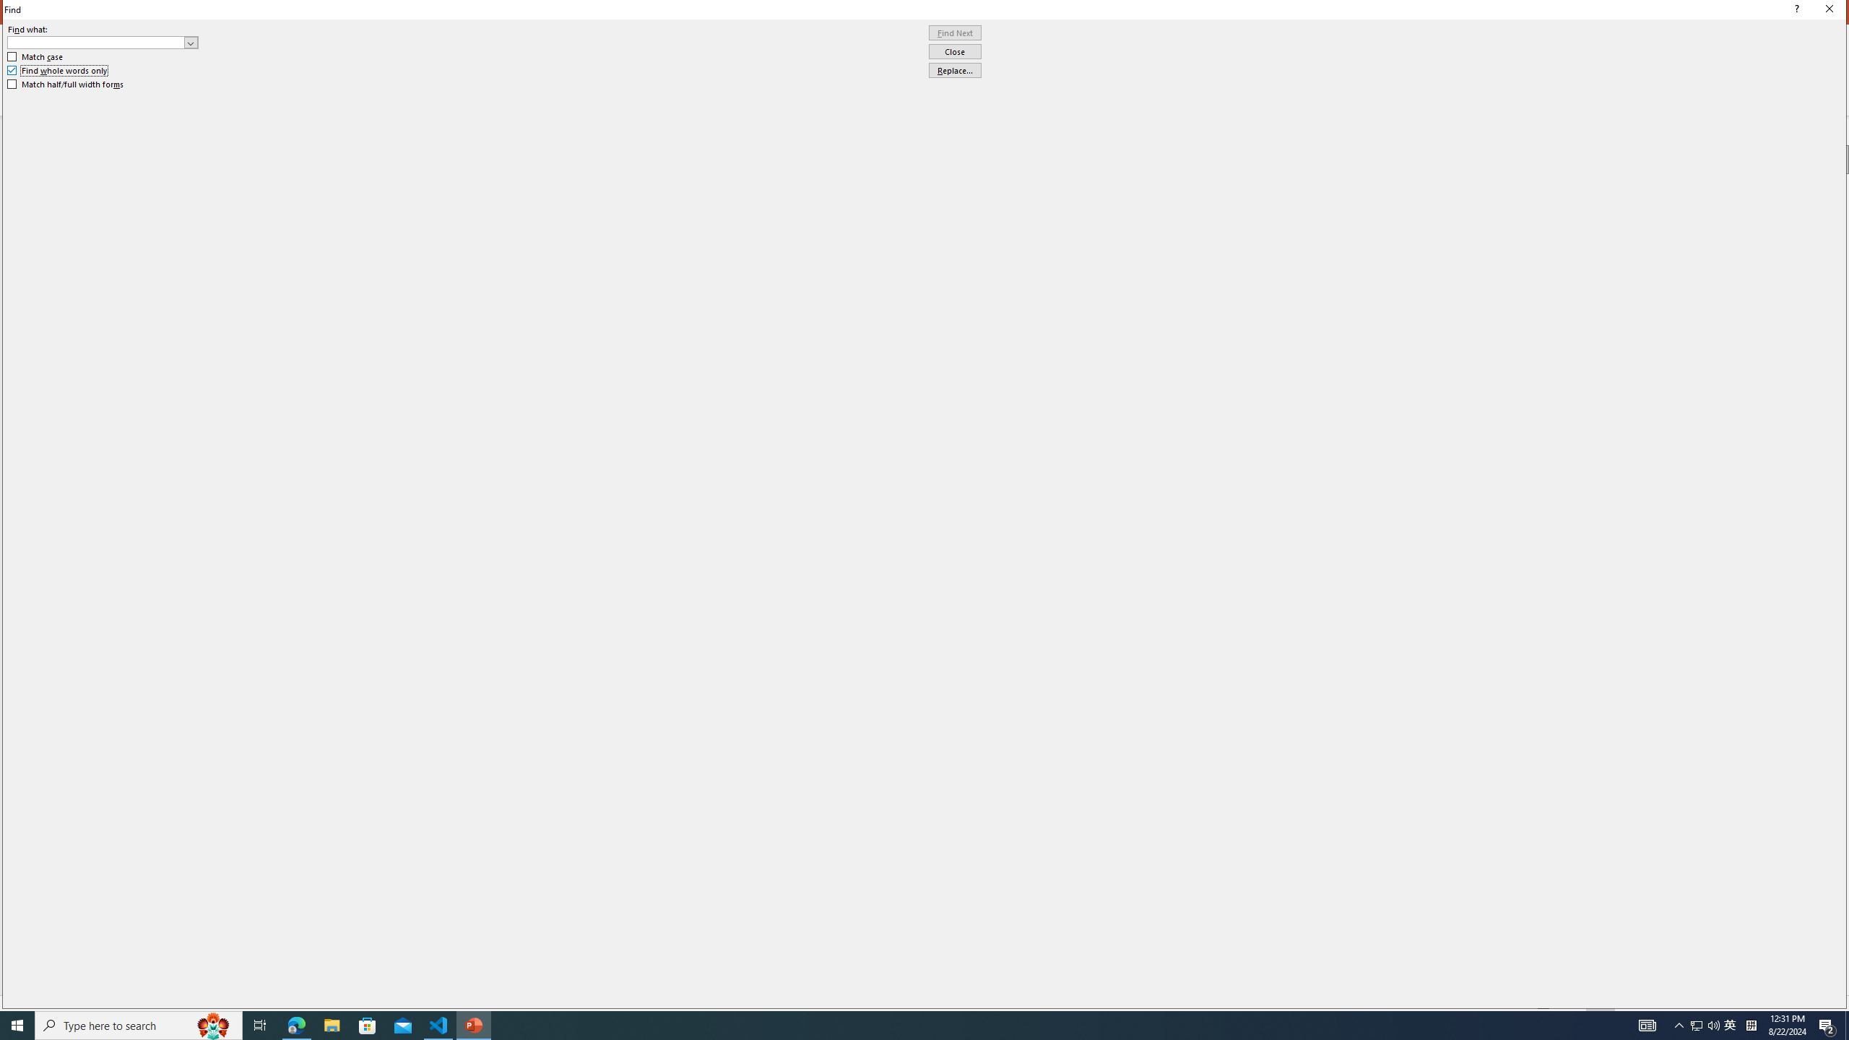  What do you see at coordinates (66, 84) in the screenshot?
I see `'Match half/full width forms'` at bounding box center [66, 84].